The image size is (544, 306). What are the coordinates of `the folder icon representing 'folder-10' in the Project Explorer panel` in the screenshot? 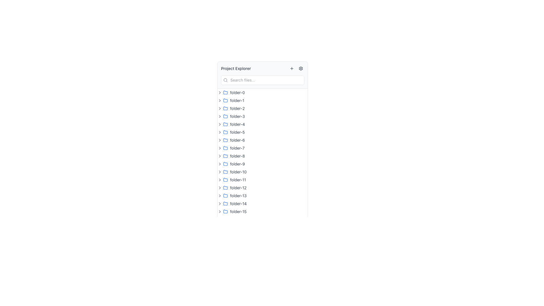 It's located at (225, 171).